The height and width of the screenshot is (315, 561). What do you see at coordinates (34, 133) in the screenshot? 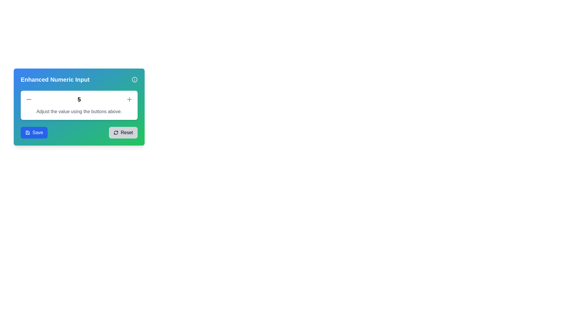
I see `the 'Save' button located in the lower-left corner of the interface` at bounding box center [34, 133].